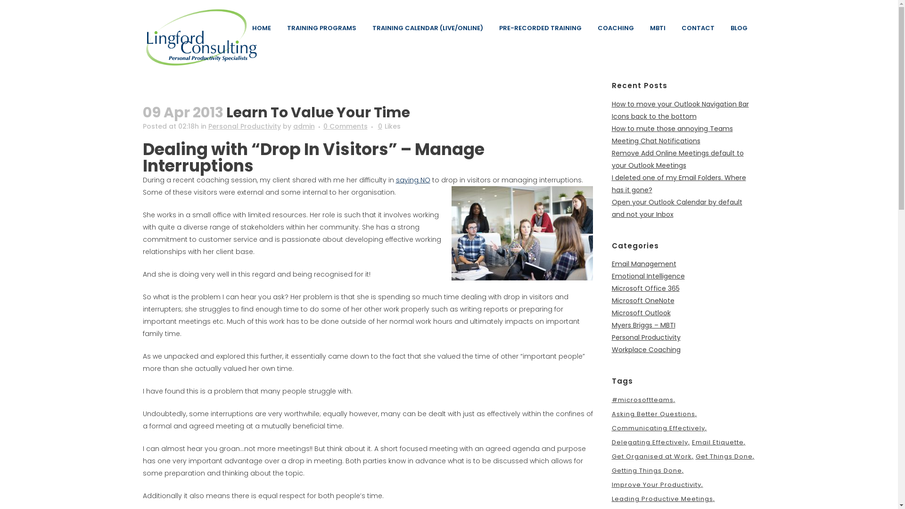 Image resolution: width=905 pixels, height=509 pixels. Describe the element at coordinates (652, 456) in the screenshot. I see `'Get Organised at Work'` at that location.